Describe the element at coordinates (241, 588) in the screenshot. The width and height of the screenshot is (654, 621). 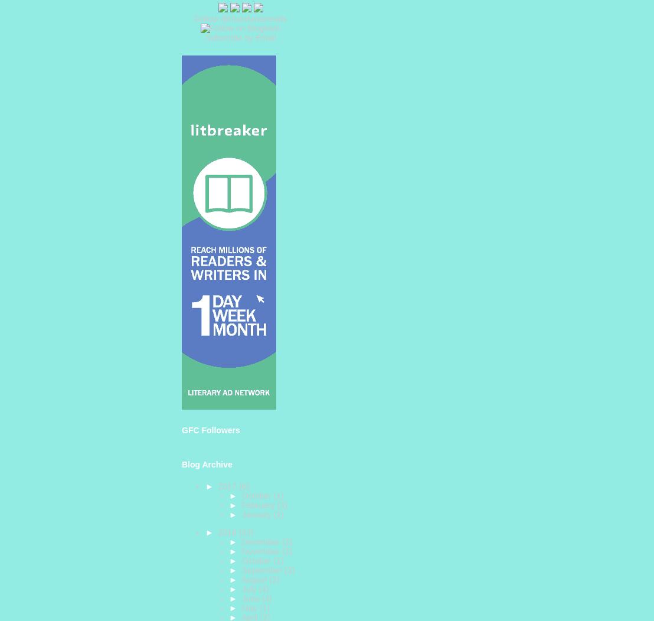
I see `'July'` at that location.